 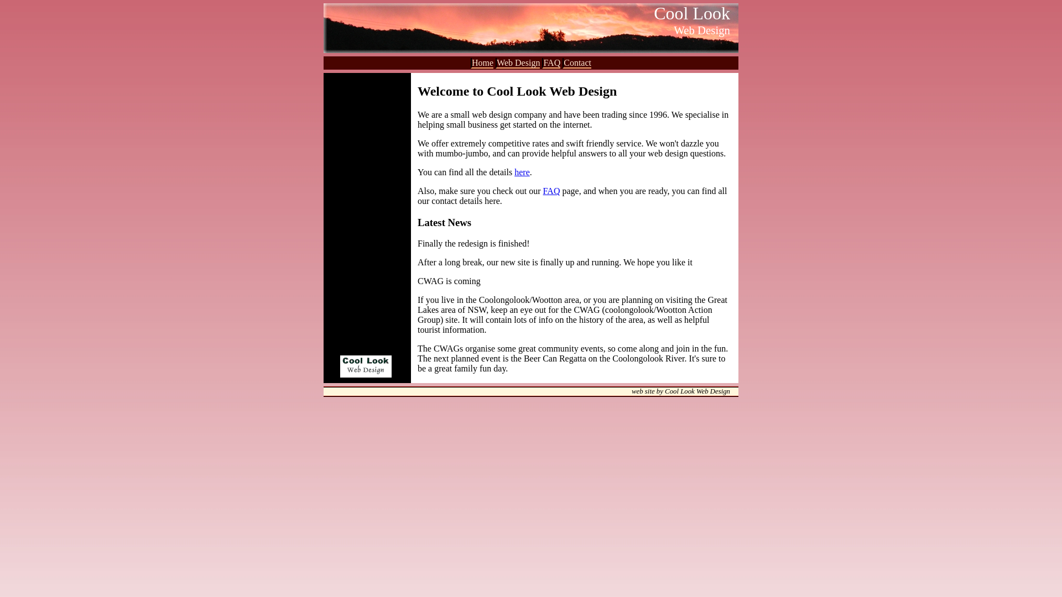 I want to click on 'Contact', so click(x=563, y=63).